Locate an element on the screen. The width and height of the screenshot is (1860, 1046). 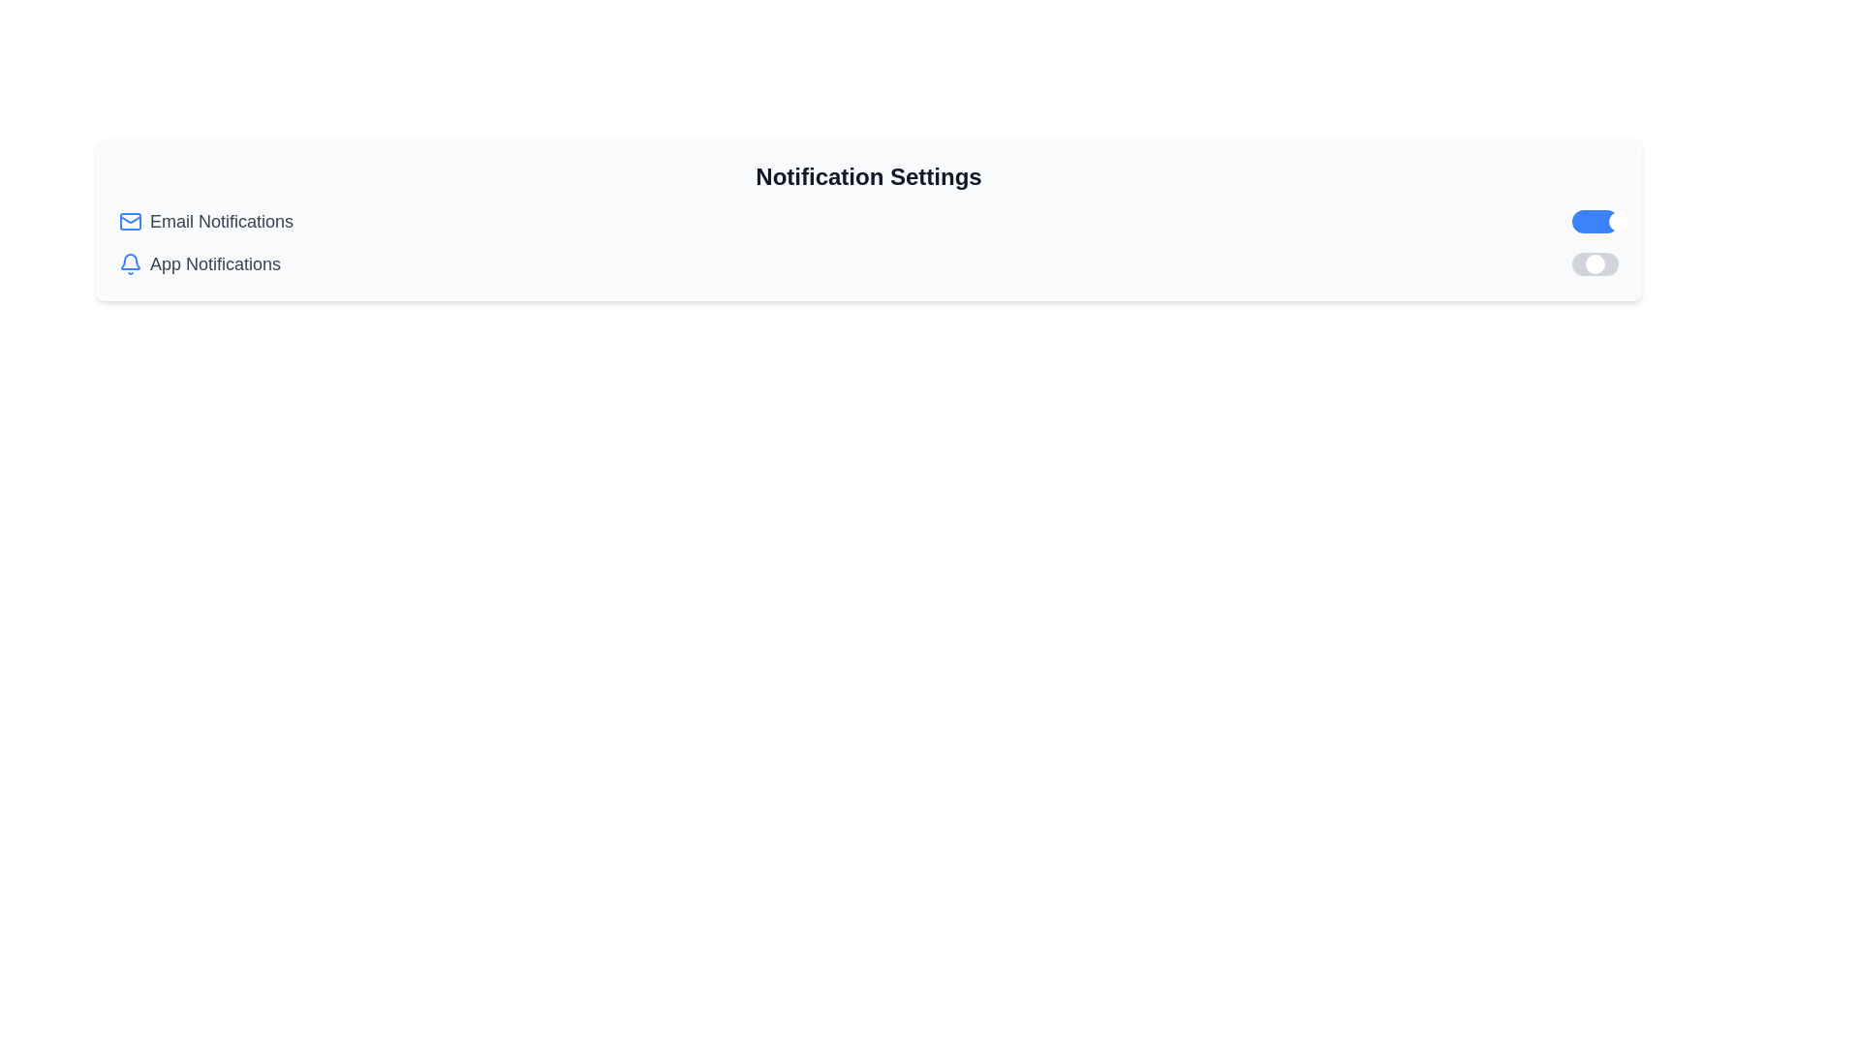
the toggle handle located on the far-right side of the toggle switch control is located at coordinates (1618, 220).